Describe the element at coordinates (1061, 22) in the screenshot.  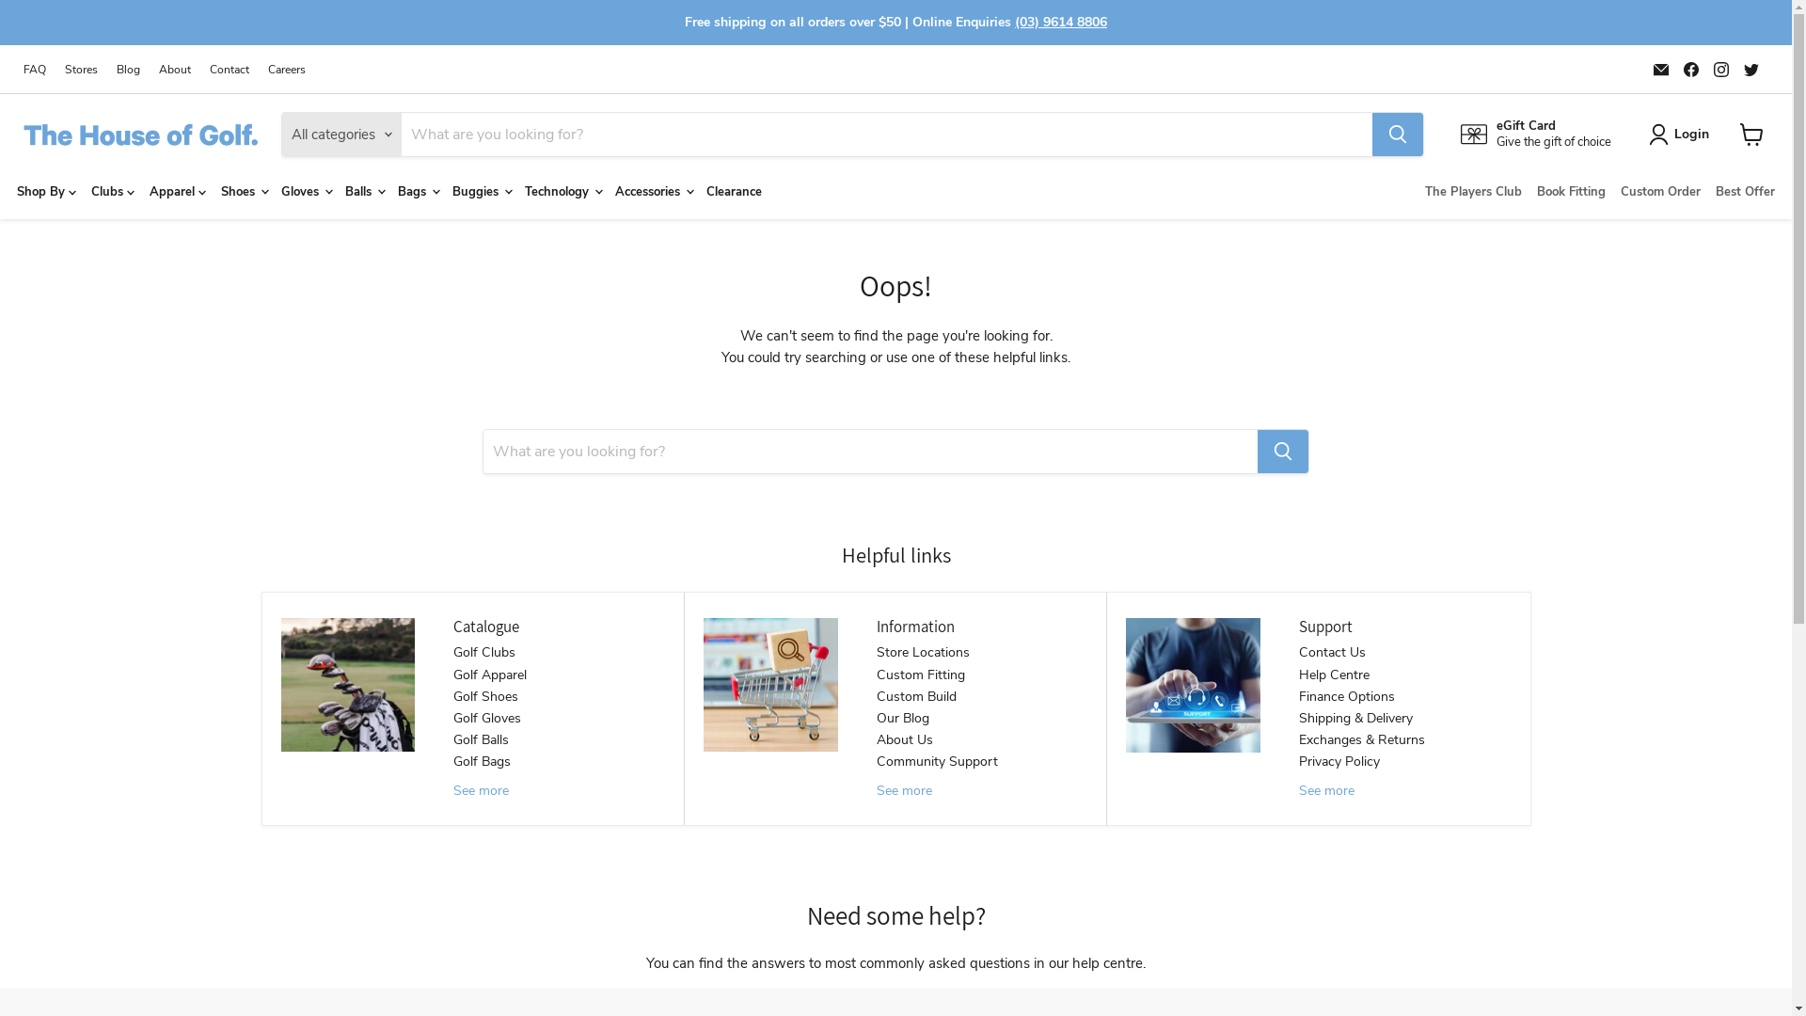
I see `'(03) 9614 8806'` at that location.